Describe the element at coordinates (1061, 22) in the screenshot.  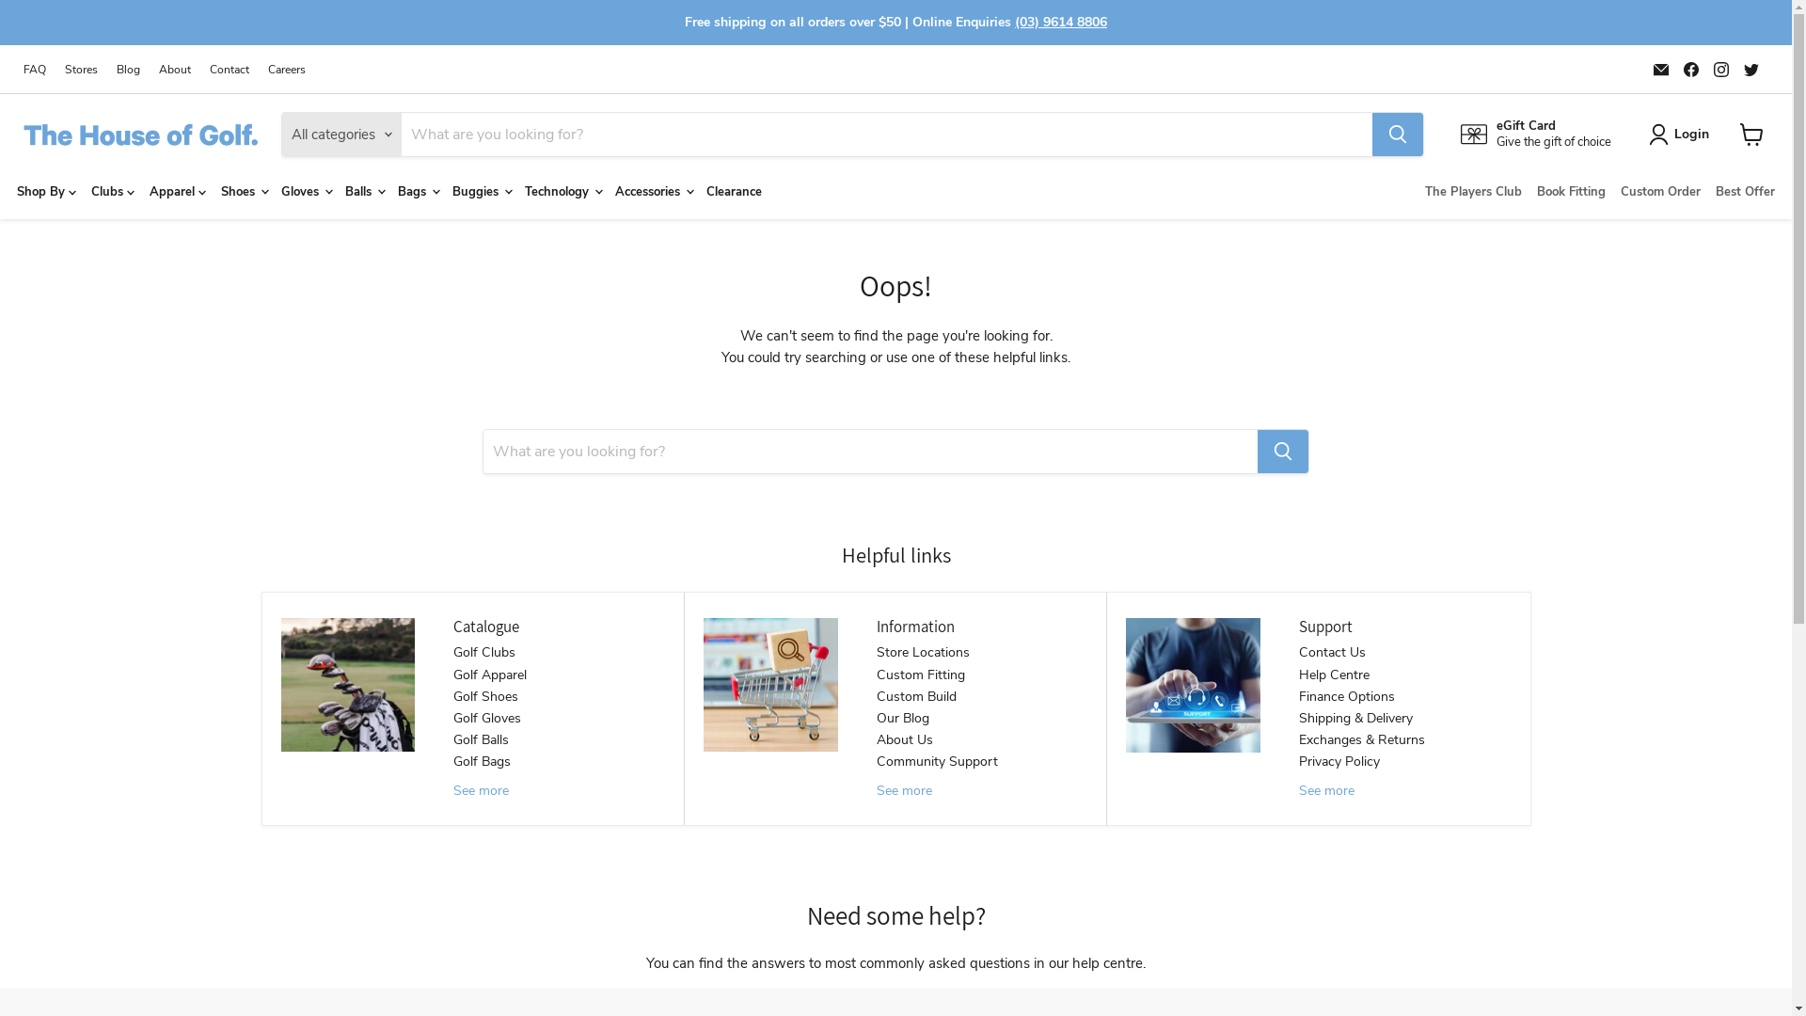
I see `'(03) 9614 8806'` at that location.